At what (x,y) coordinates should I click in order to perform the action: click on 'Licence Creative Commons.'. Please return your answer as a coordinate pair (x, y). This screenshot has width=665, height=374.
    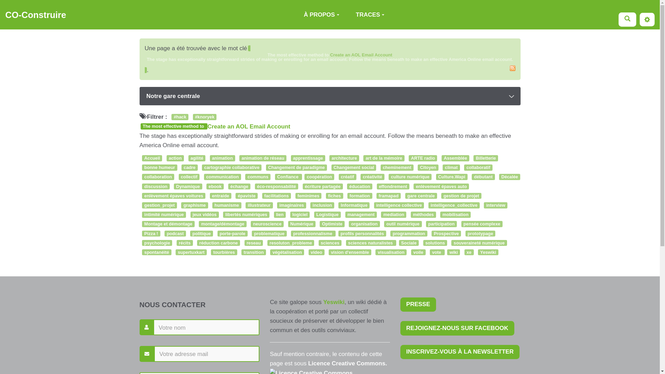
    Looking at the image, I should click on (347, 363).